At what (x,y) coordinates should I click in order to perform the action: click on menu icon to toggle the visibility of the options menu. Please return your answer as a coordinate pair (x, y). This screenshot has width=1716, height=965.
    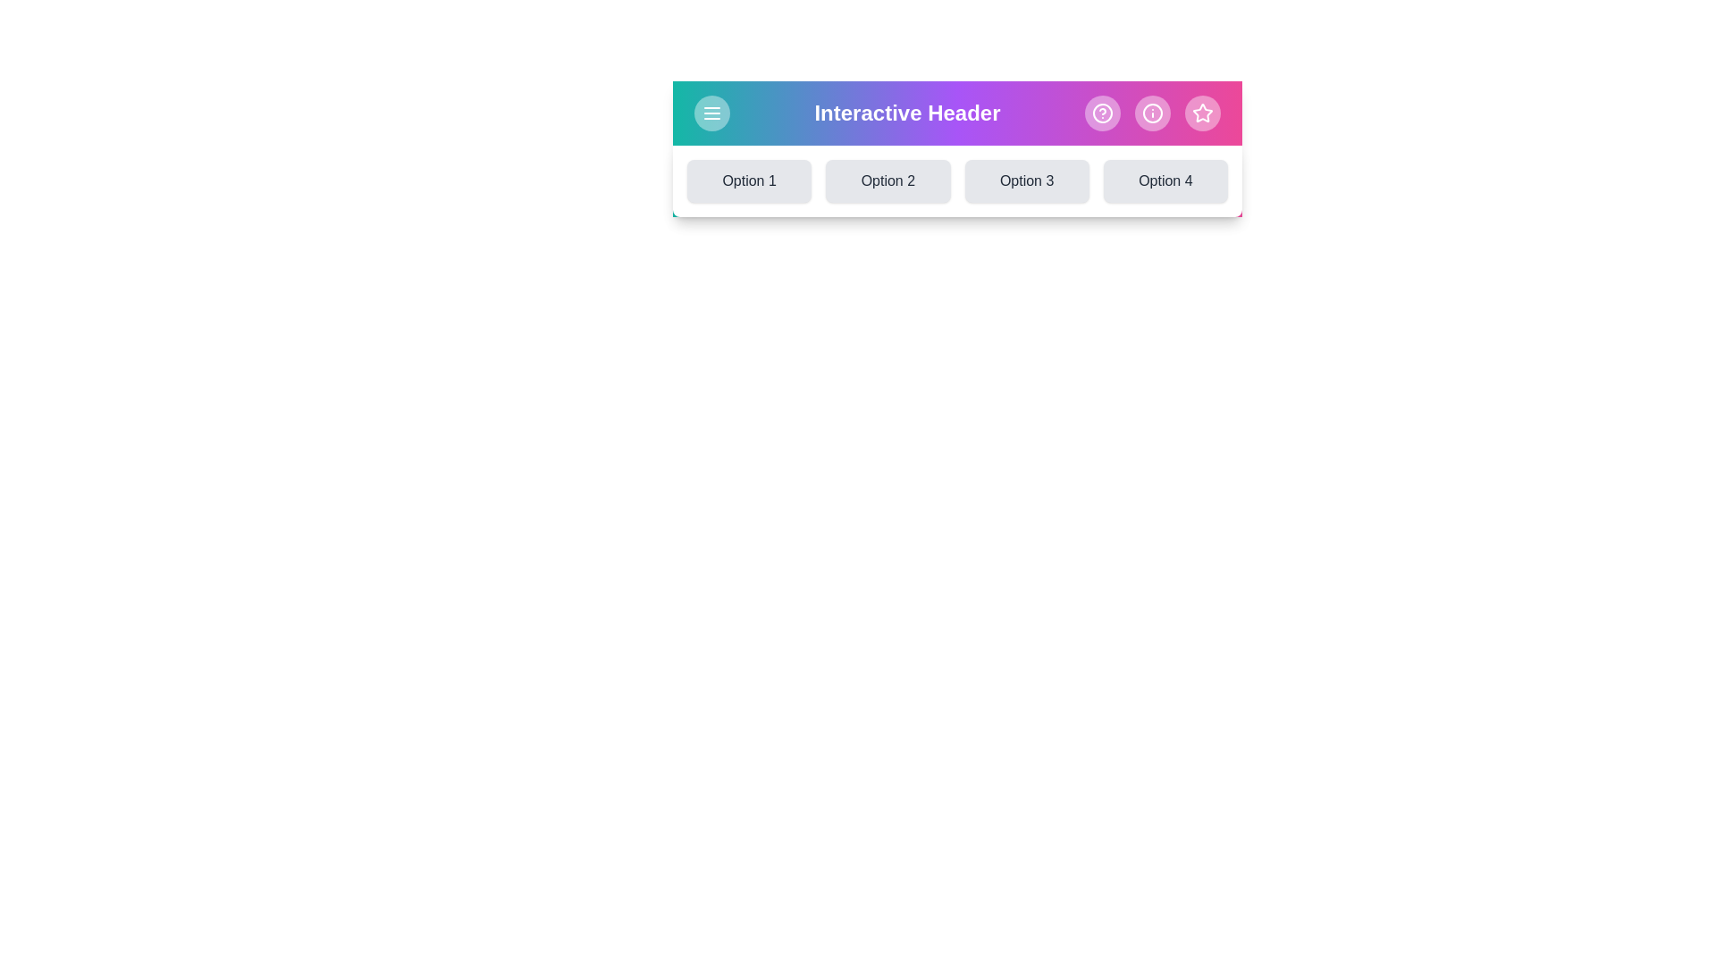
    Looking at the image, I should click on (711, 113).